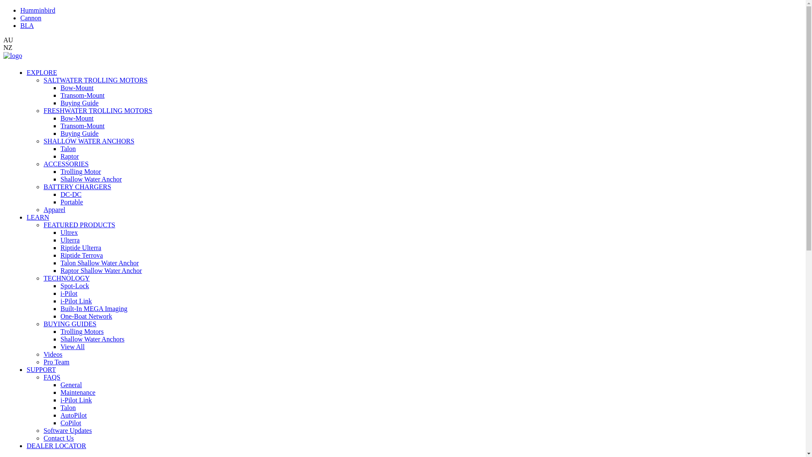  What do you see at coordinates (76, 400) in the screenshot?
I see `'i-Pilot Link'` at bounding box center [76, 400].